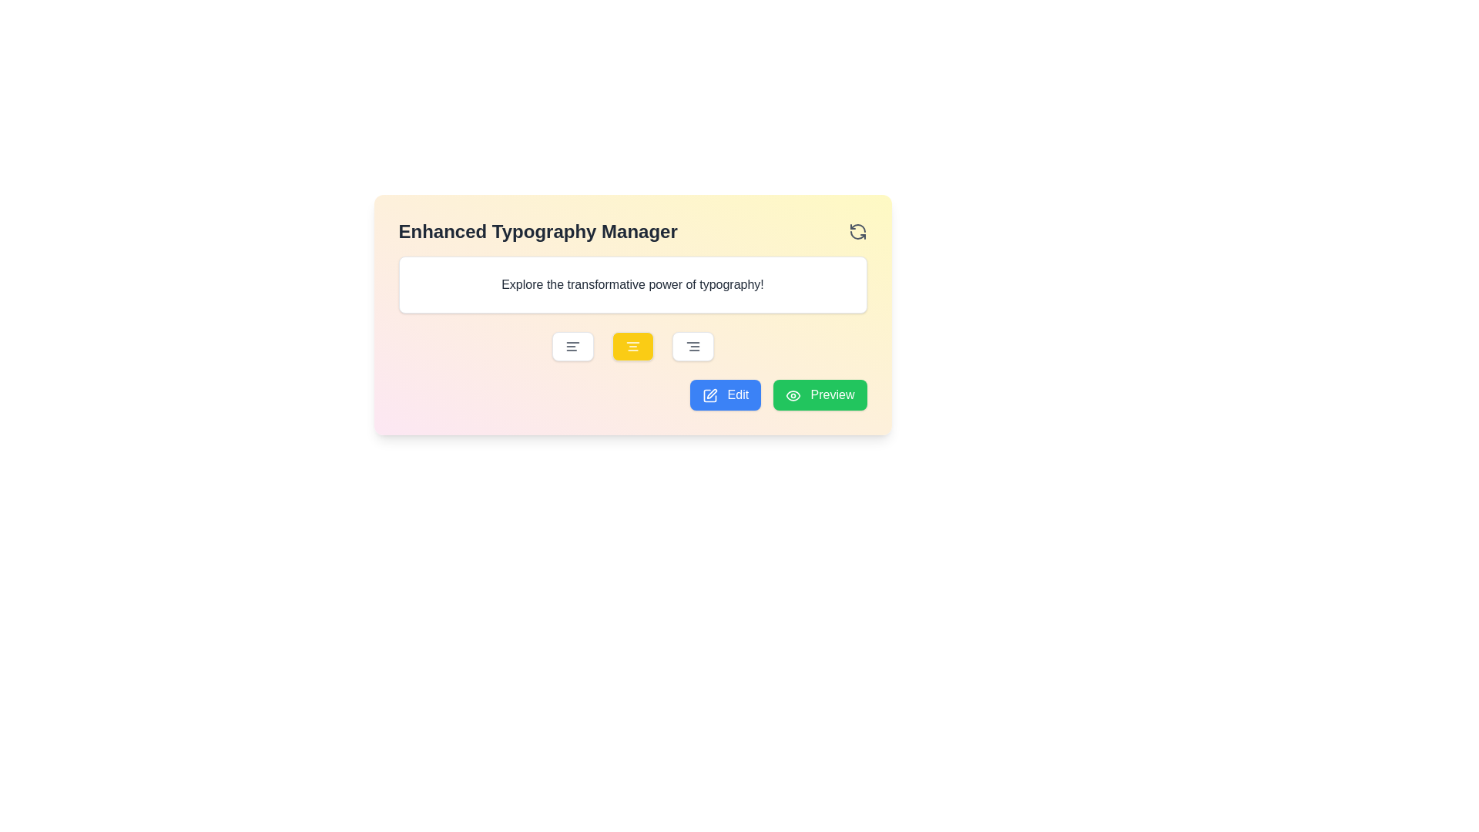 Image resolution: width=1479 pixels, height=832 pixels. I want to click on the eye icon located within the green 'Preview' button, positioned at the leftmost side of the button, so click(793, 394).